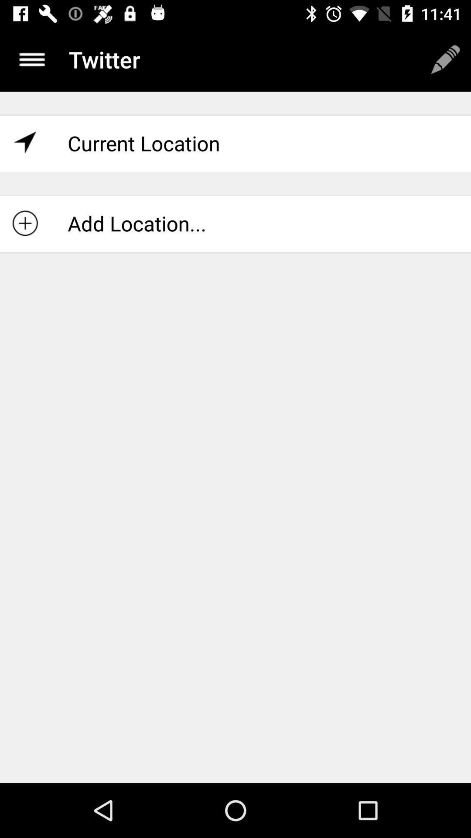 This screenshot has height=838, width=471. What do you see at coordinates (445, 59) in the screenshot?
I see `edit option` at bounding box center [445, 59].